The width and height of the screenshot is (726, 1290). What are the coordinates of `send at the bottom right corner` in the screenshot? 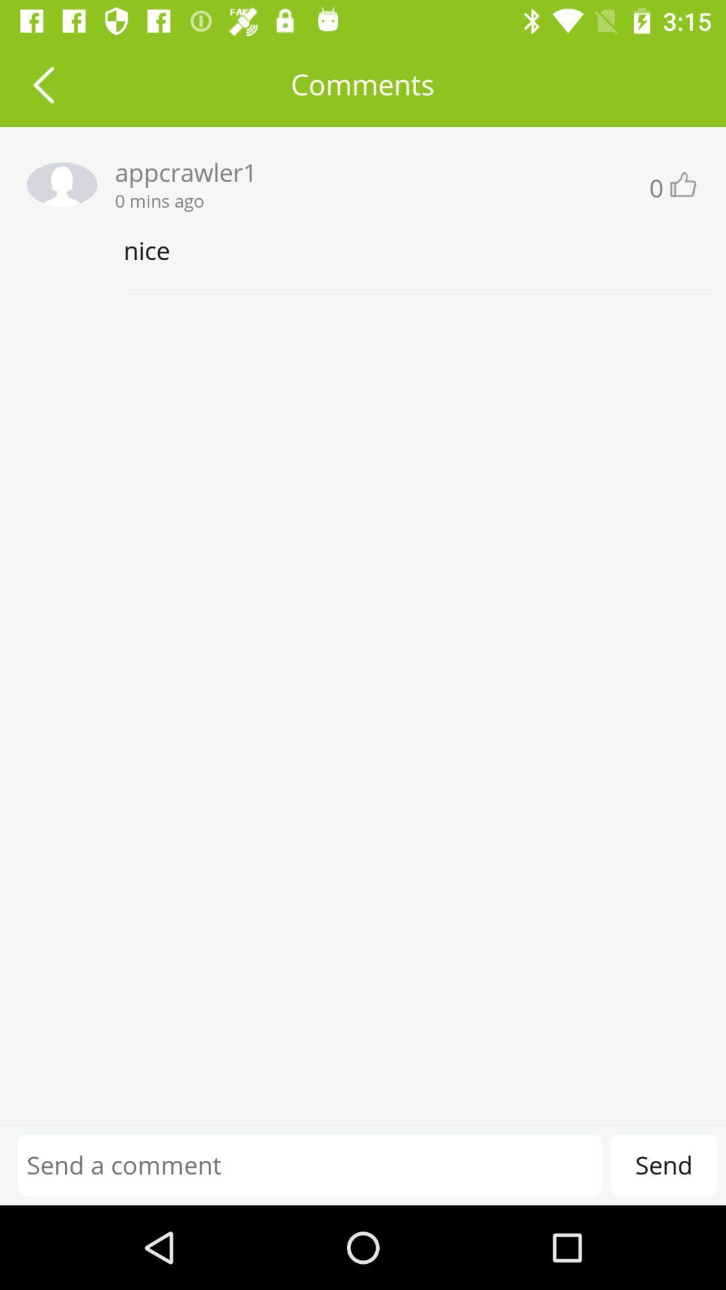 It's located at (663, 1164).